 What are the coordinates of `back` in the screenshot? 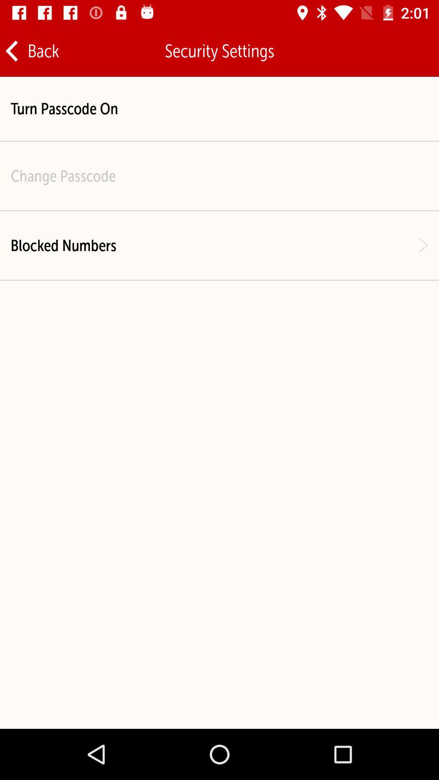 It's located at (31, 50).